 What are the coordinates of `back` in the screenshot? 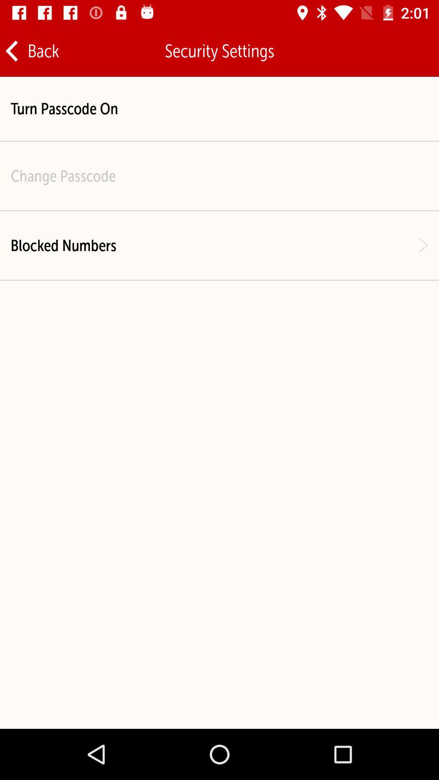 It's located at (31, 50).